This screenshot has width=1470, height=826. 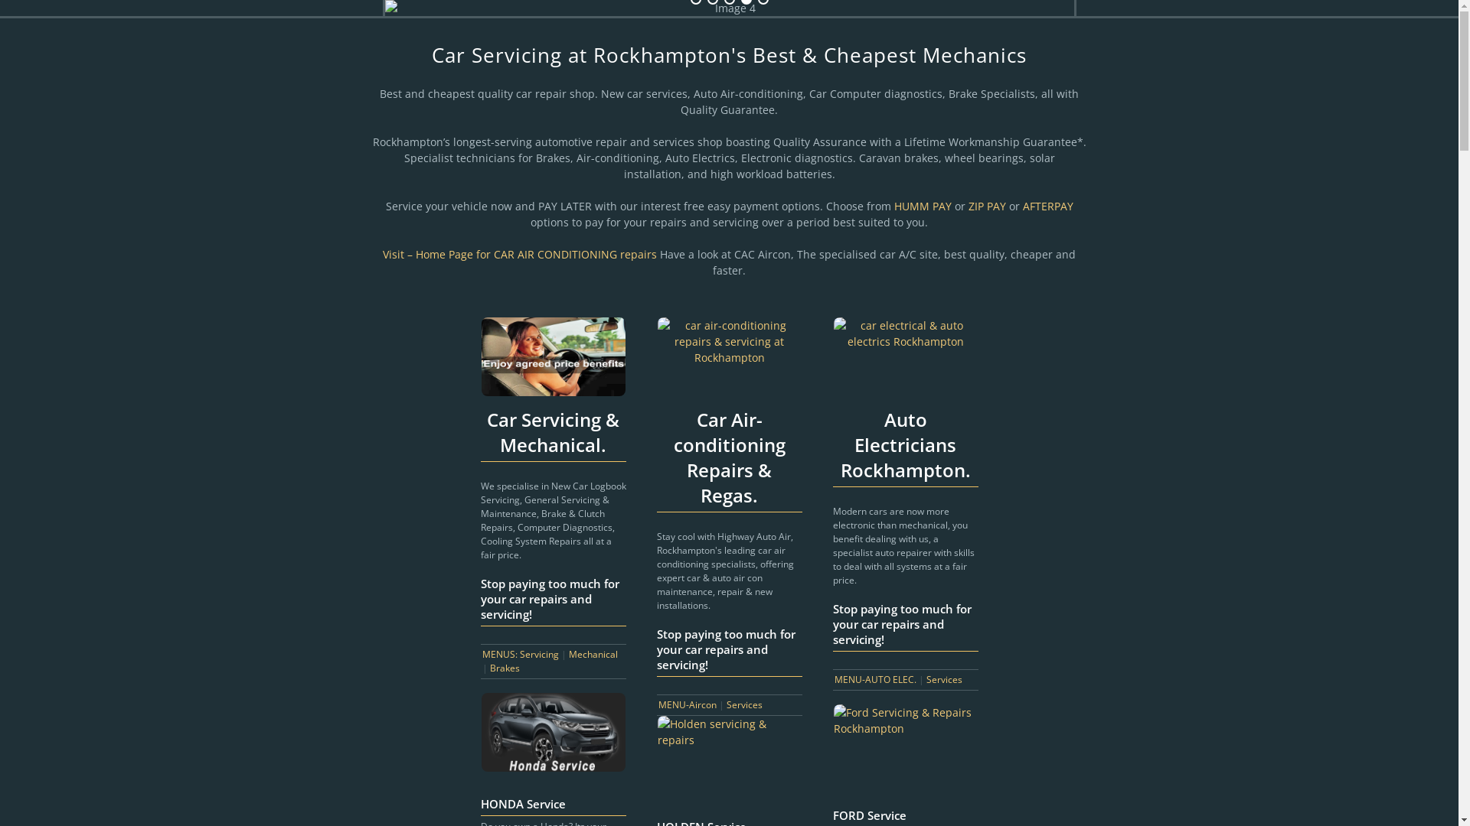 What do you see at coordinates (591, 654) in the screenshot?
I see `'Mechanical'` at bounding box center [591, 654].